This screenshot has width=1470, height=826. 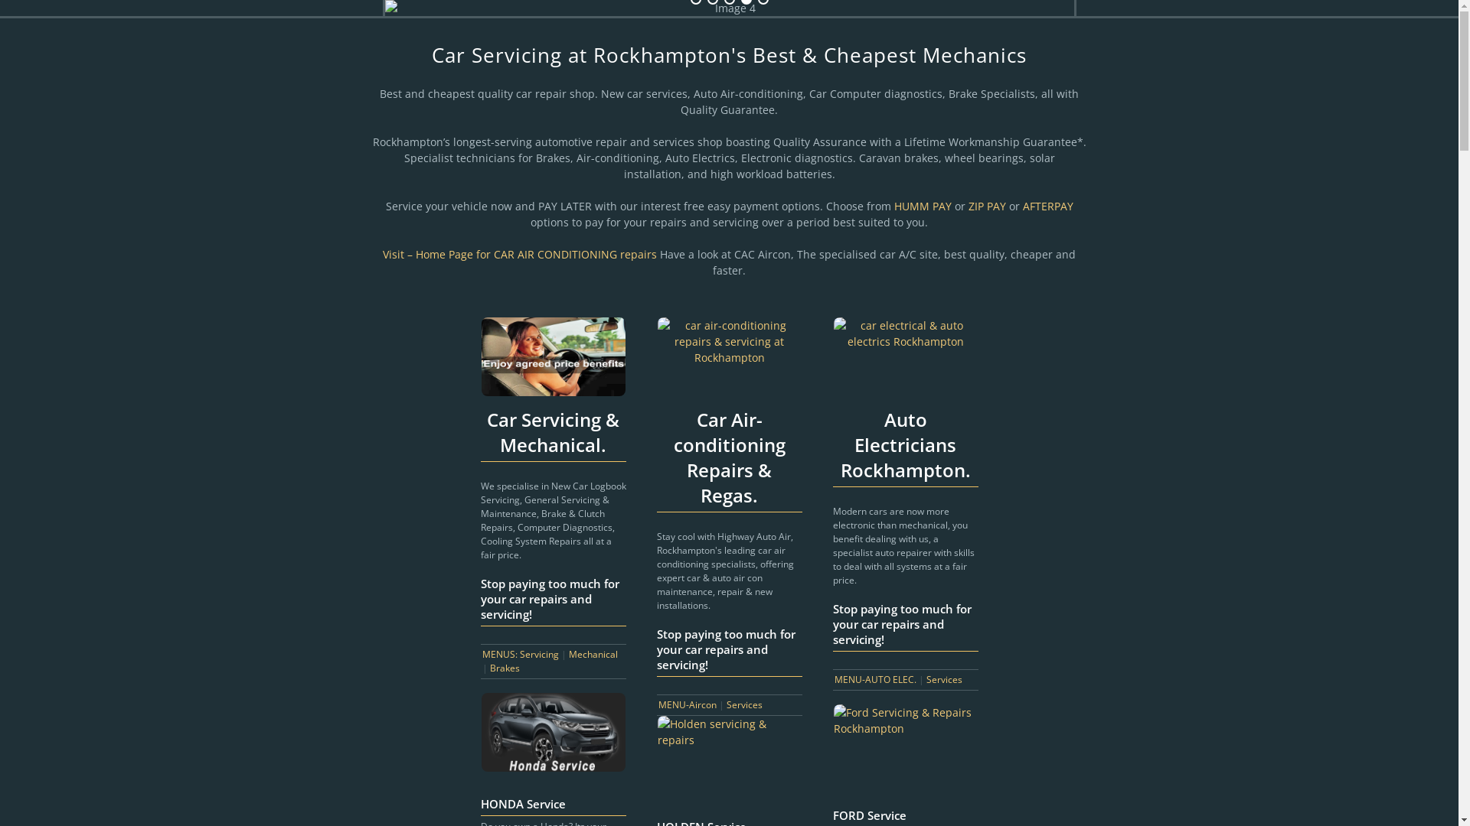 What do you see at coordinates (591, 654) in the screenshot?
I see `'Mechanical'` at bounding box center [591, 654].